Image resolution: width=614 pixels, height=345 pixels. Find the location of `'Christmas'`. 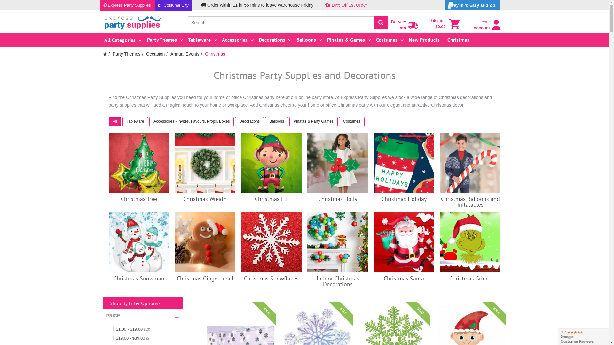

'Christmas' is located at coordinates (215, 54).